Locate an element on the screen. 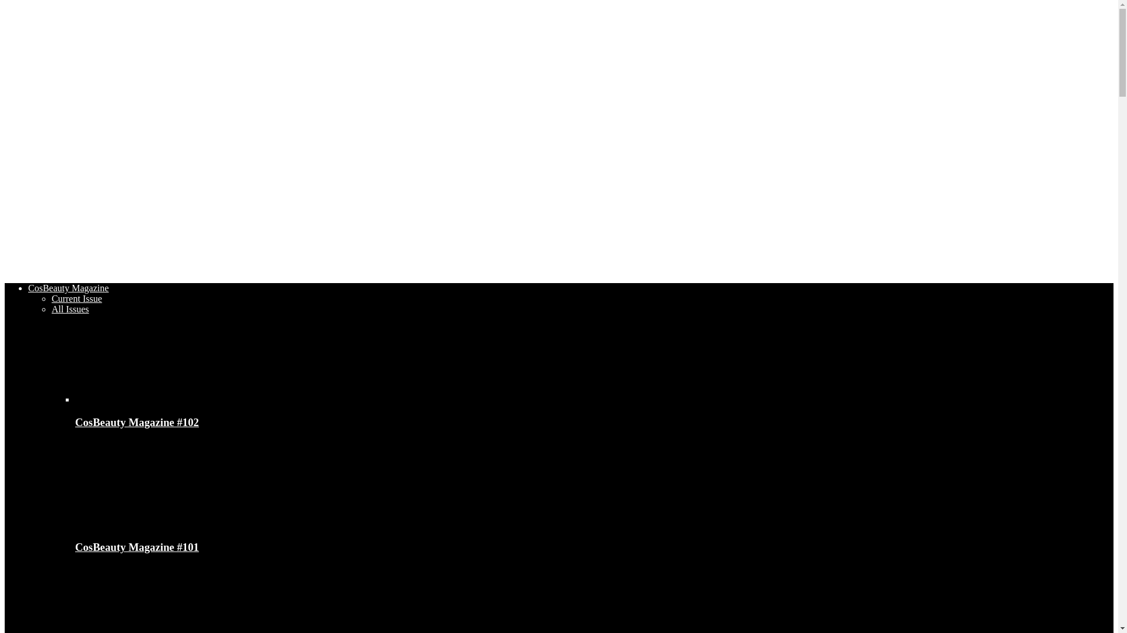  'CosBeauty Magazine' is located at coordinates (68, 288).